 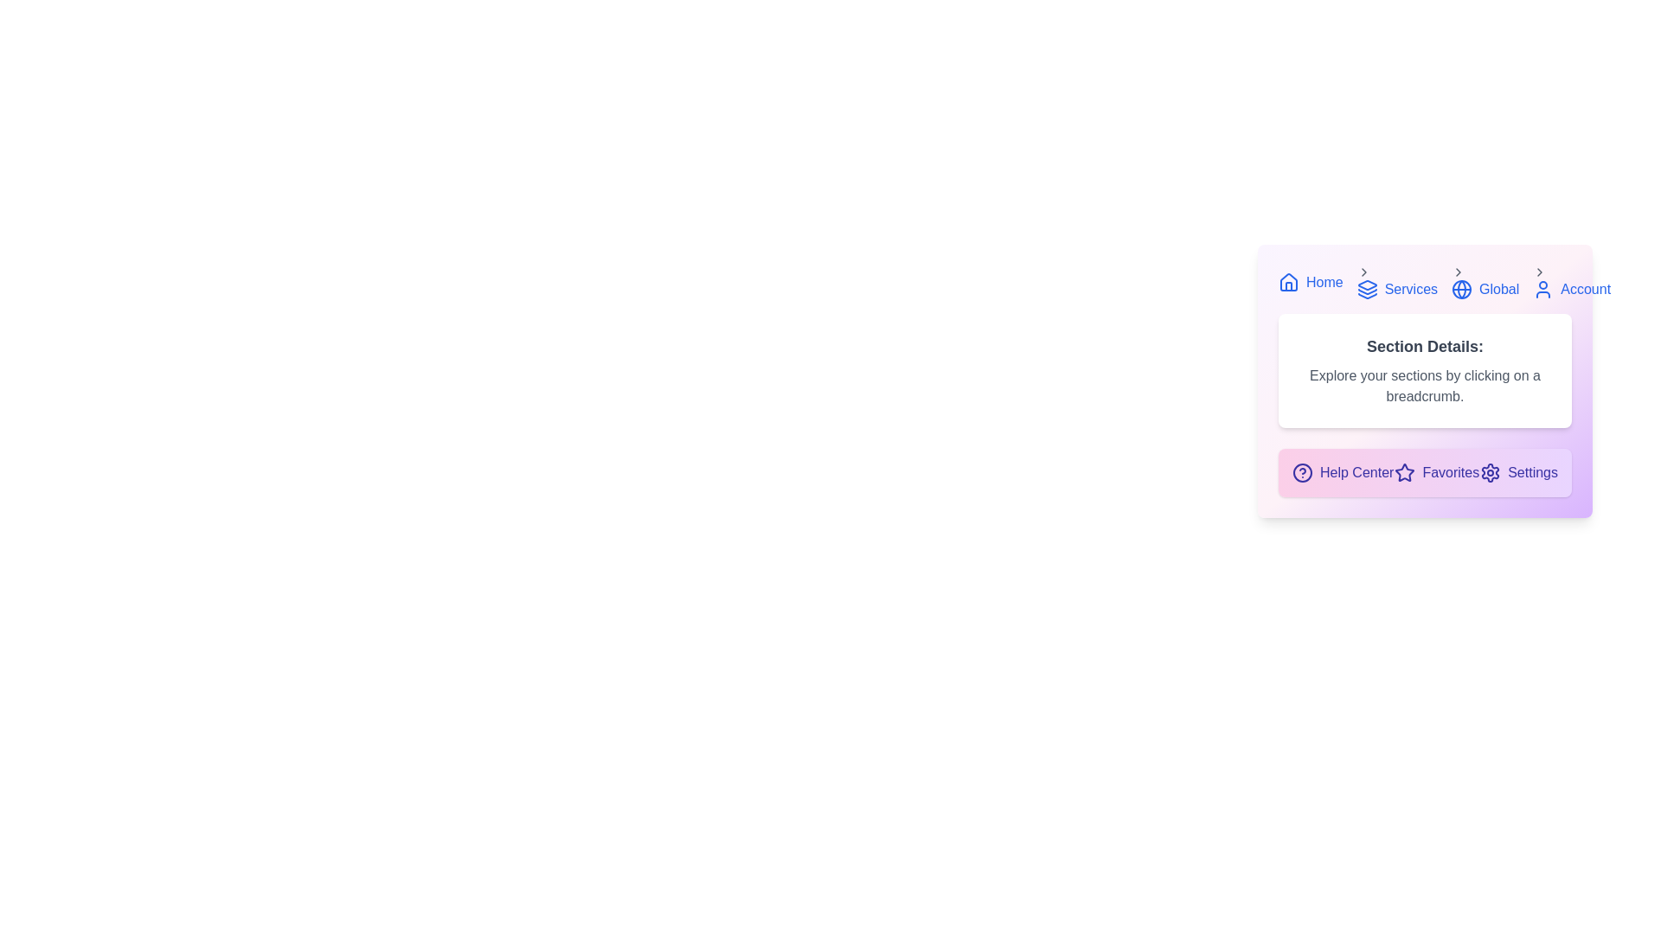 What do you see at coordinates (1451, 473) in the screenshot?
I see `the 'Favorites' label, which is positioned in the lower section of the modal, between the 'Help Center' and 'Settings' options, following a star icon` at bounding box center [1451, 473].